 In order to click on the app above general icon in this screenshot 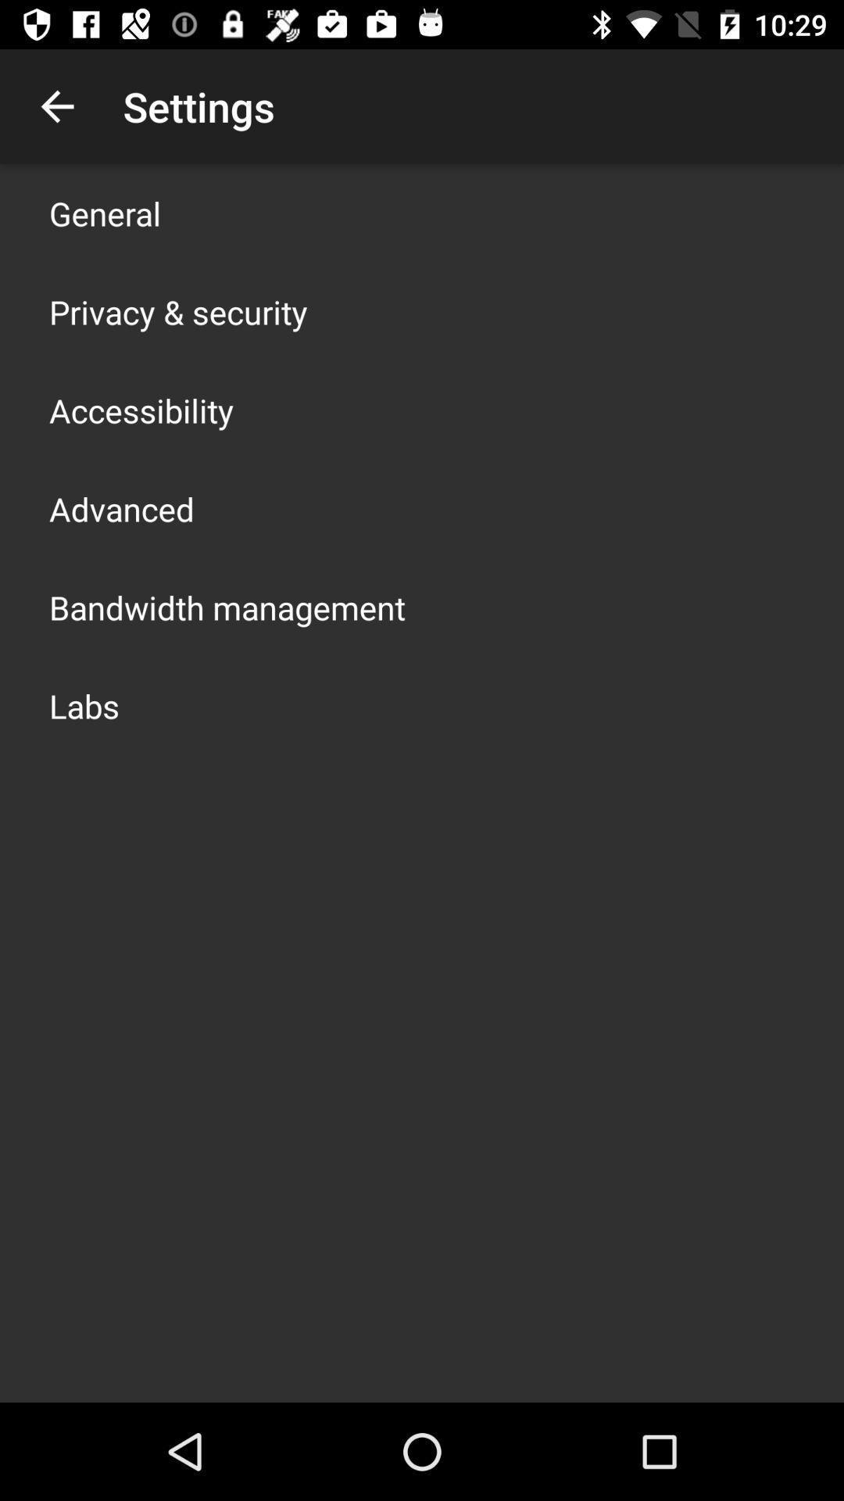, I will do `click(56, 106)`.